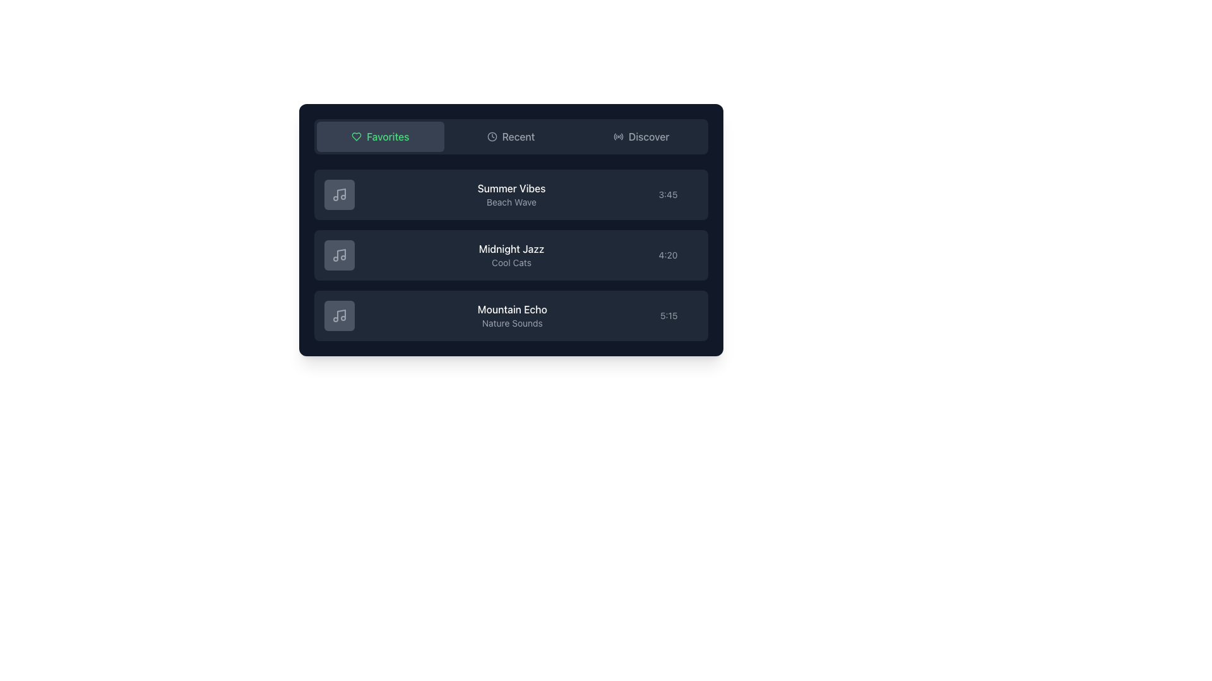  What do you see at coordinates (668, 315) in the screenshot?
I see `the static text label indicating the duration or timestamp of the audio track, positioned to the left of a circular clickable icon in the bottom entry of the list within a card interface` at bounding box center [668, 315].